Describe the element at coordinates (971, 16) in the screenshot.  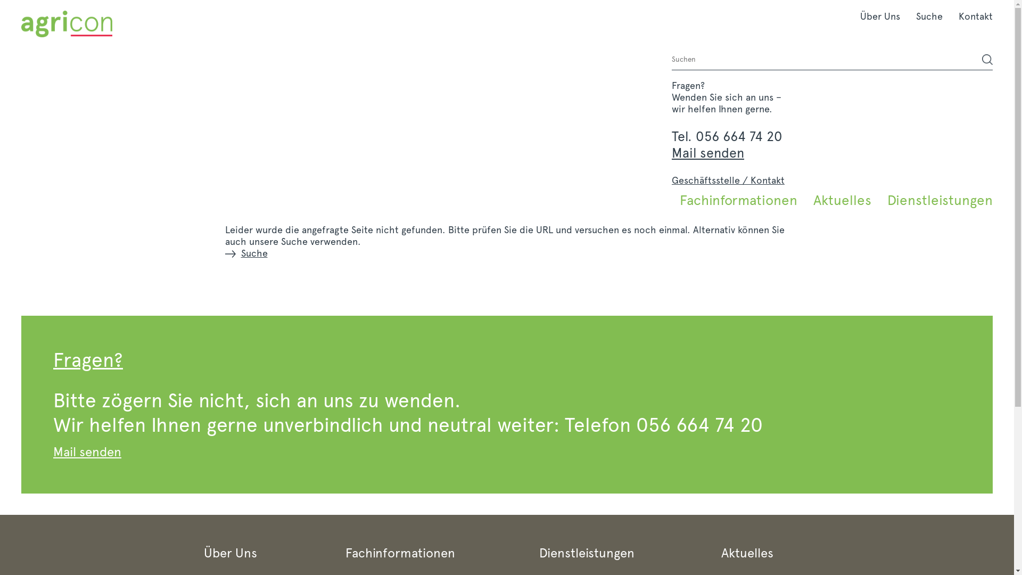
I see `'Kontakt'` at that location.